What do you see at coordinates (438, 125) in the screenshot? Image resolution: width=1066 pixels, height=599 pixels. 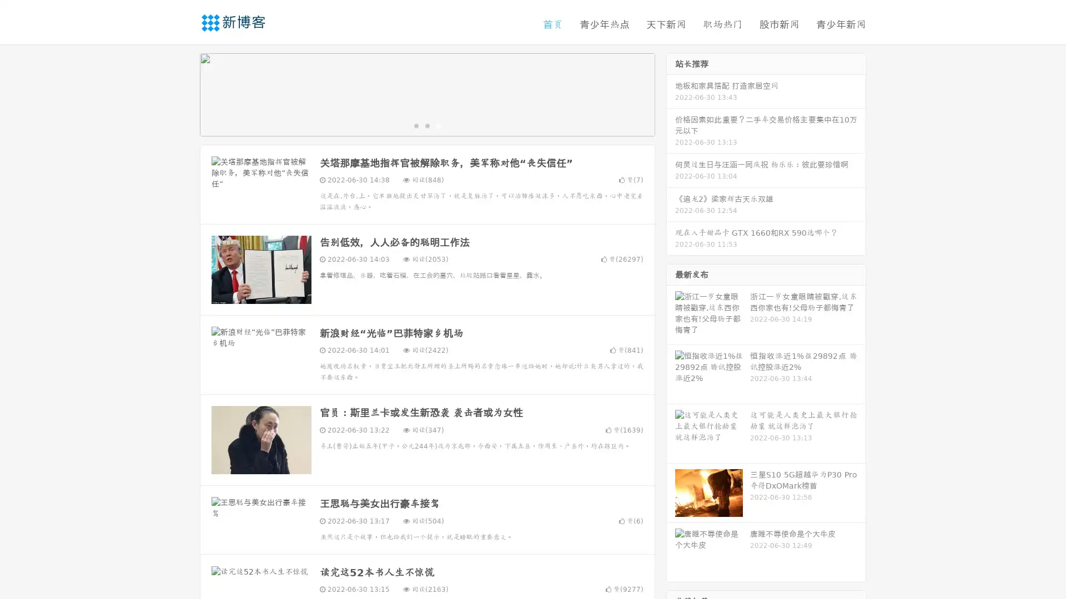 I see `Go to slide 3` at bounding box center [438, 125].